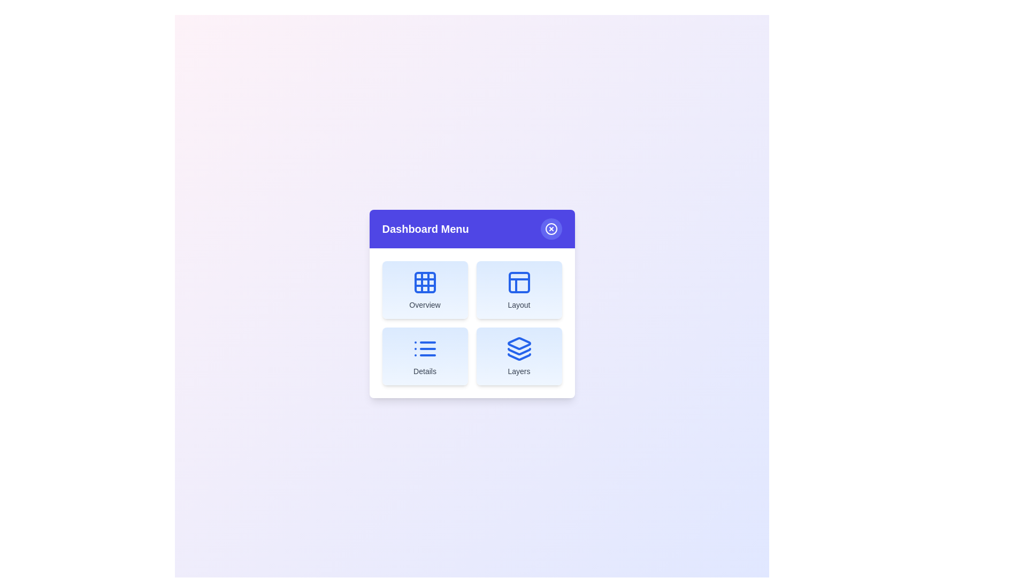 This screenshot has width=1027, height=578. I want to click on the menu item labeled Layers, so click(519, 356).